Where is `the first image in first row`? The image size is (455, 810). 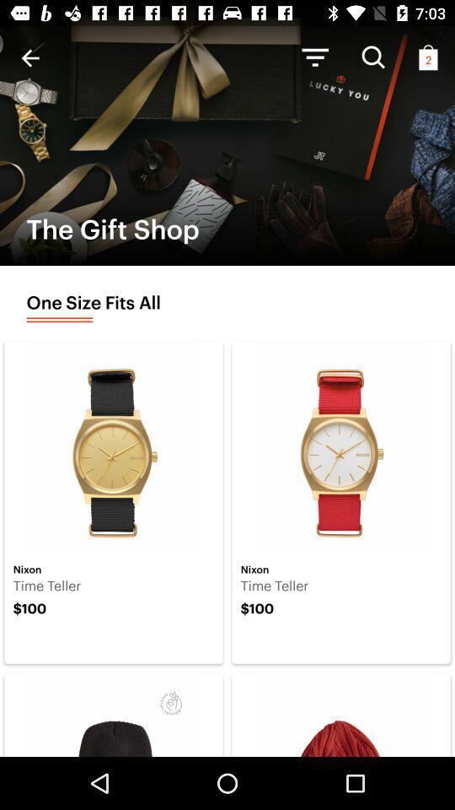 the first image in first row is located at coordinates (114, 446).